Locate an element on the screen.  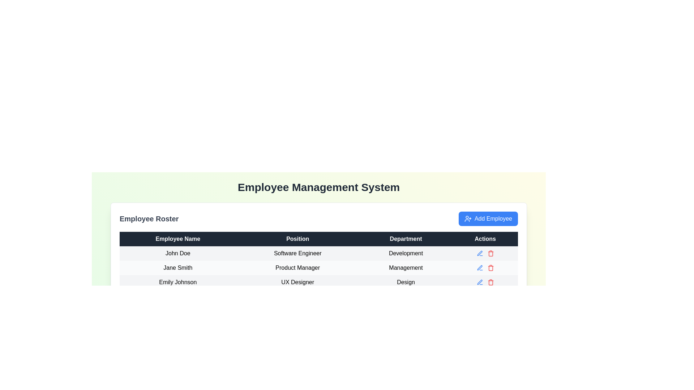
the red delete icon in the actions column of the first row for 'John Doe' is located at coordinates (485, 253).